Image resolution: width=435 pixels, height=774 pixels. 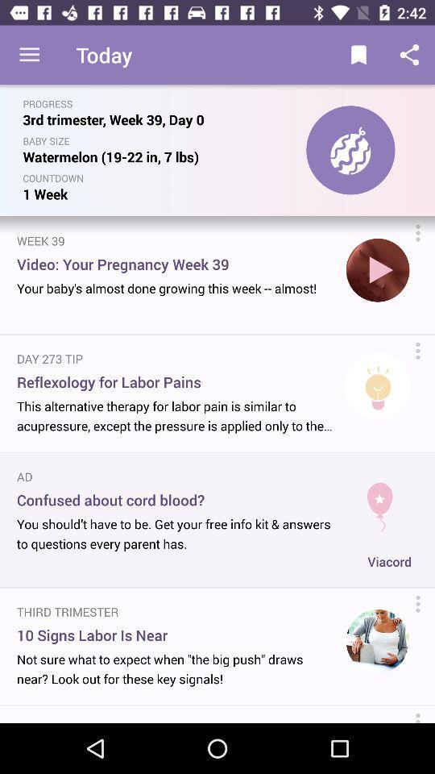 I want to click on item to the right of the ad item, so click(x=379, y=500).